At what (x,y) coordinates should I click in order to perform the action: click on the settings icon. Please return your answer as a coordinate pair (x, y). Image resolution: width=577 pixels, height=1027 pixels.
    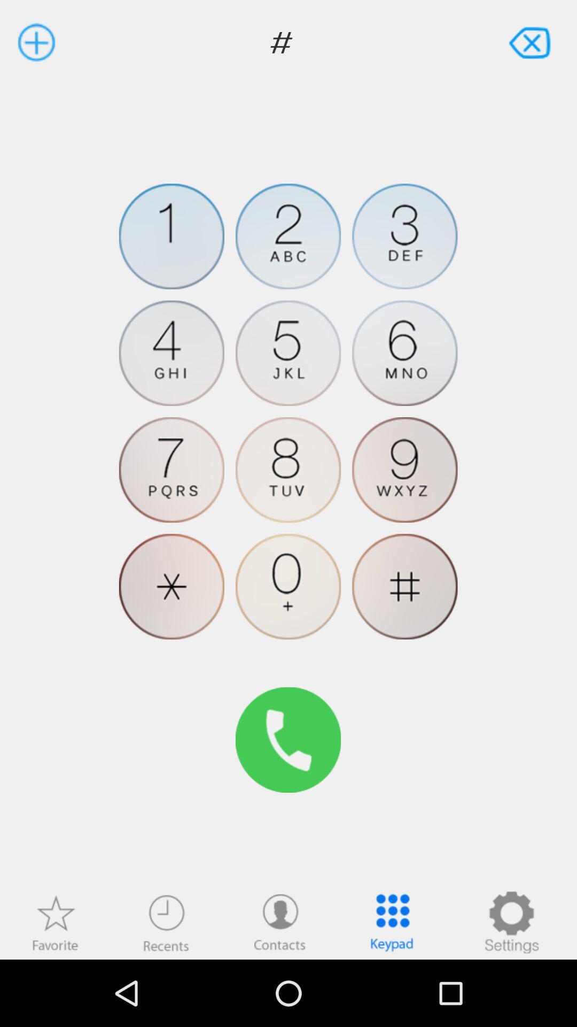
    Looking at the image, I should click on (511, 986).